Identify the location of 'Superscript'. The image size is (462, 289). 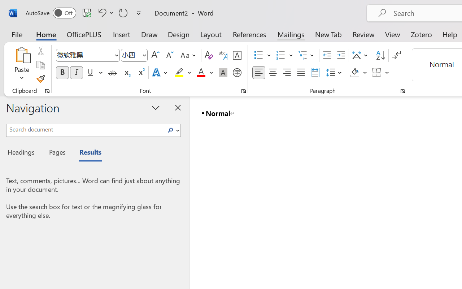
(141, 73).